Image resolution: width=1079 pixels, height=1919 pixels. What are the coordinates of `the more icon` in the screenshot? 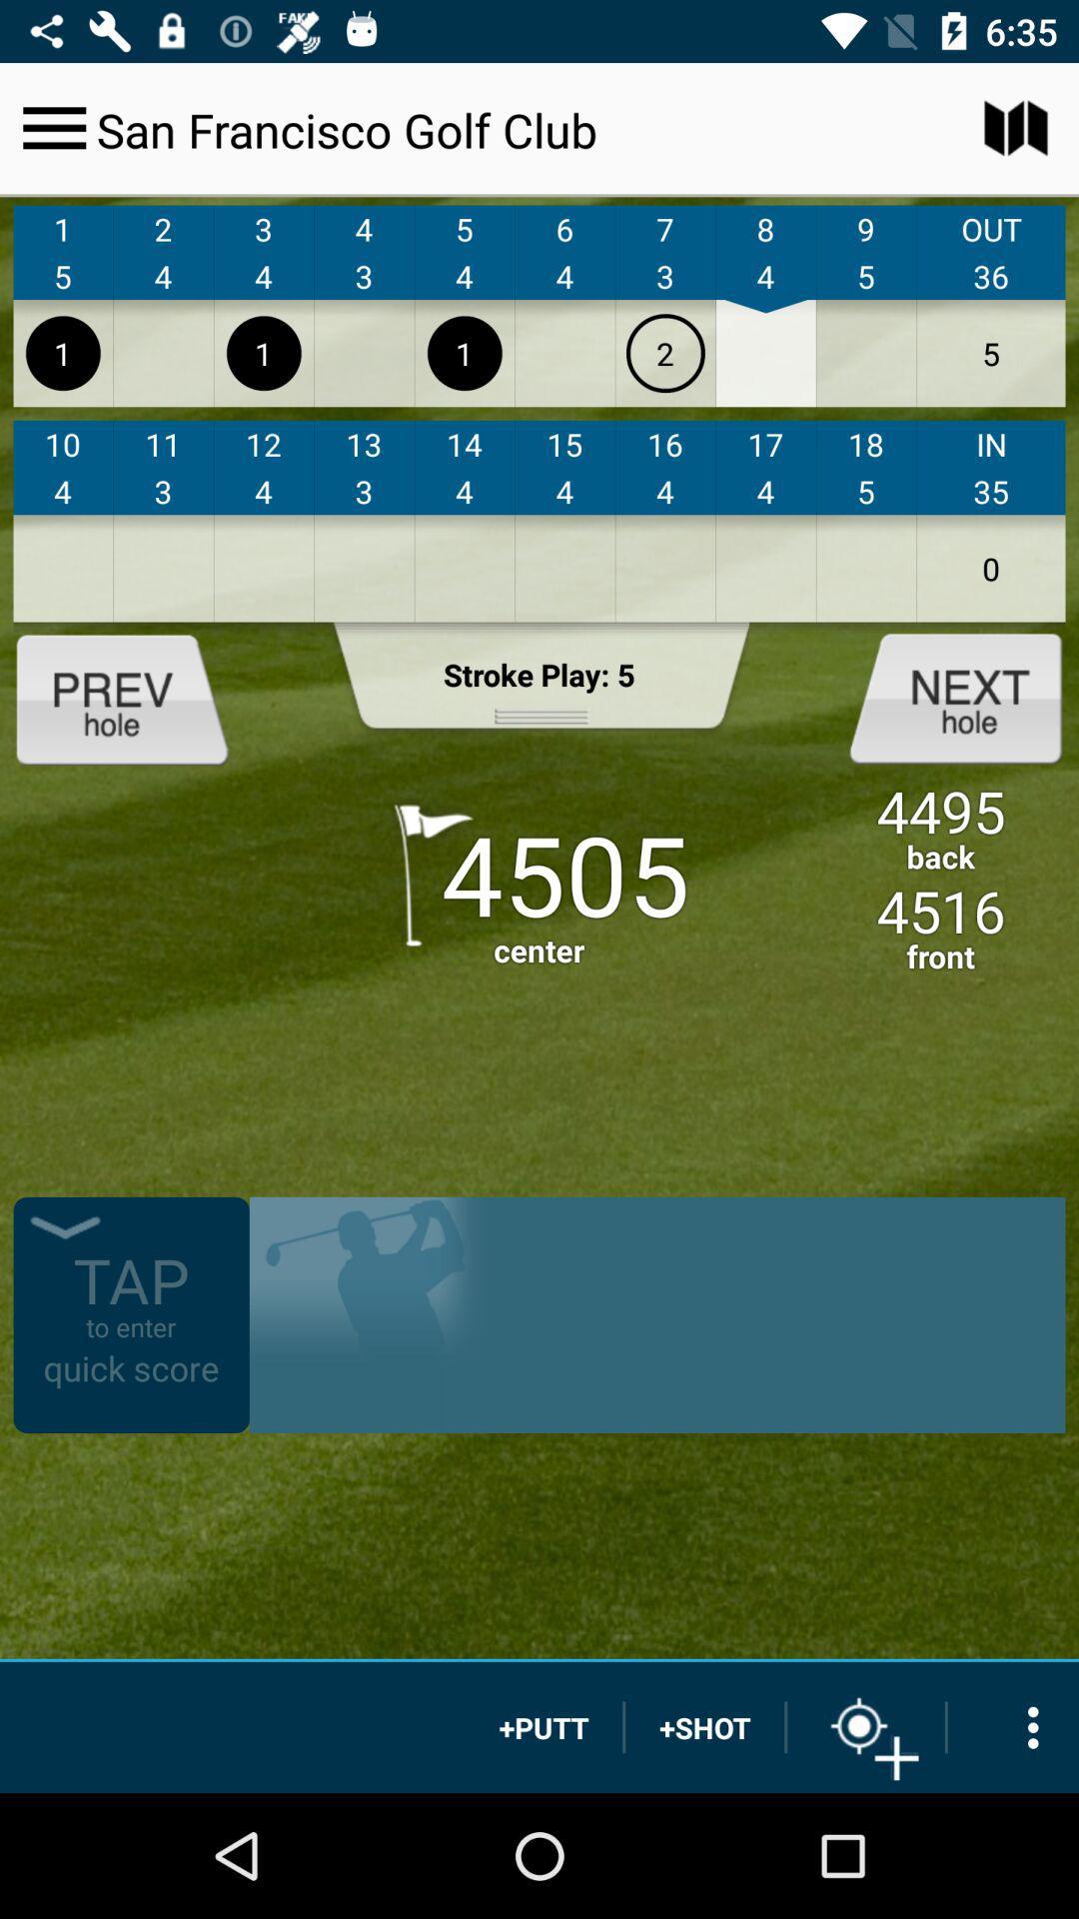 It's located at (1013, 1726).